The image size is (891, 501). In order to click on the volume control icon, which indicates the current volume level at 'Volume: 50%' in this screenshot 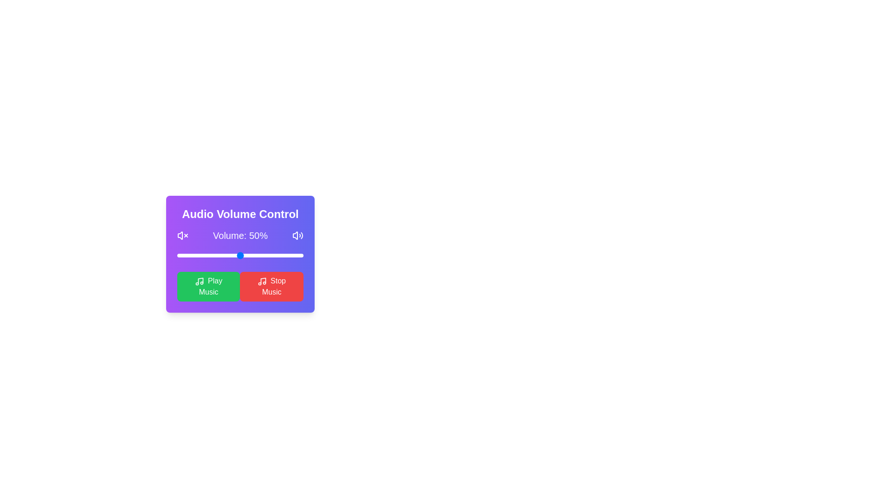, I will do `click(298, 235)`.